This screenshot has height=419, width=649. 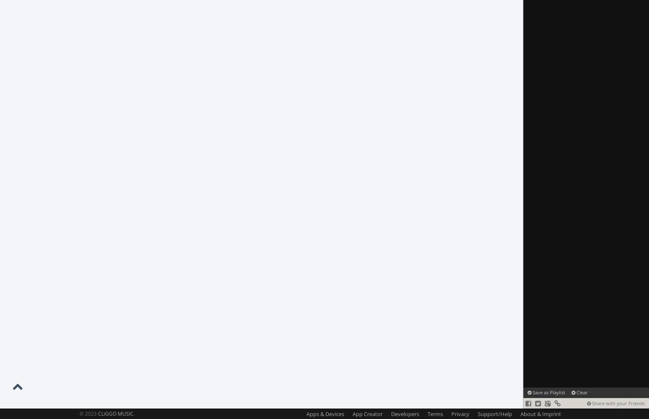 What do you see at coordinates (79, 413) in the screenshot?
I see `'© 2023'` at bounding box center [79, 413].